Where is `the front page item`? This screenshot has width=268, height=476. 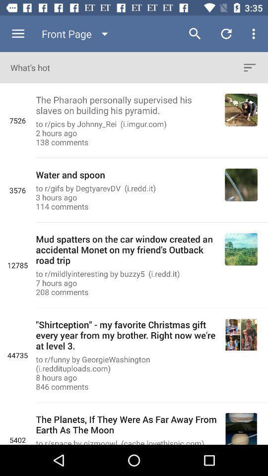 the front page item is located at coordinates (76, 34).